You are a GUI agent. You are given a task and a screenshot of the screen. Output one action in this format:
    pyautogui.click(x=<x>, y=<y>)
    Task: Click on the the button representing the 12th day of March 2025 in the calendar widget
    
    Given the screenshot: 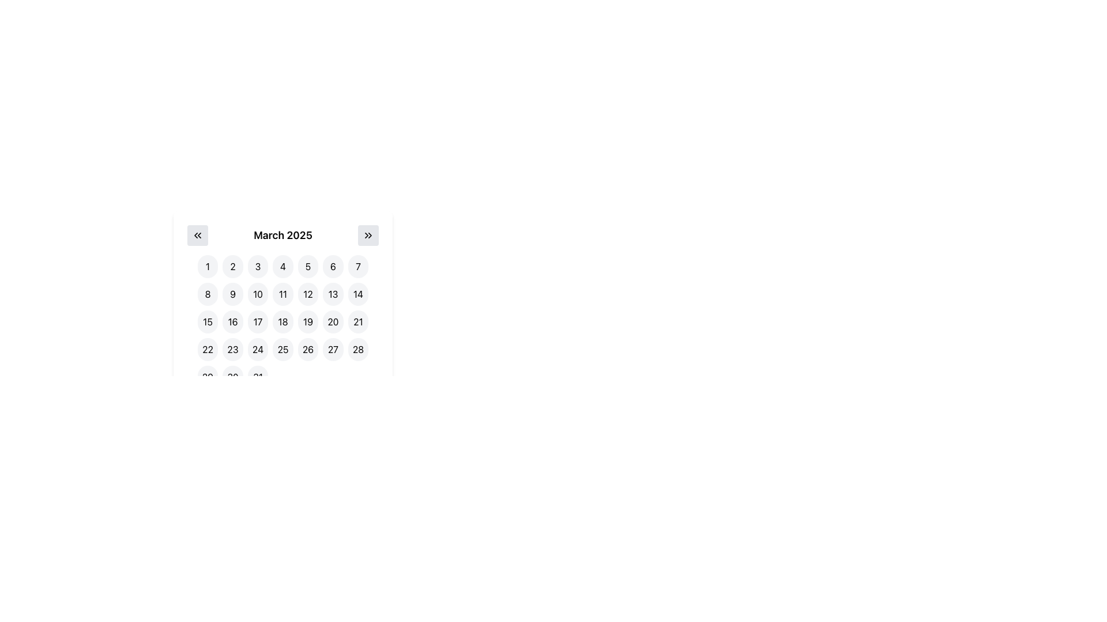 What is the action you would take?
    pyautogui.click(x=308, y=293)
    